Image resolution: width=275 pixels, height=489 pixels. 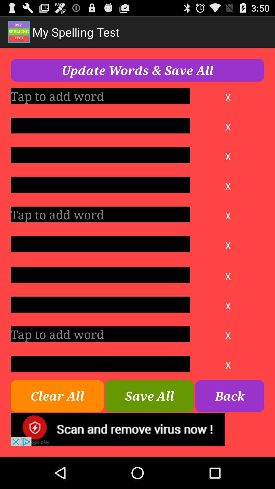 I want to click on play, so click(x=100, y=126).